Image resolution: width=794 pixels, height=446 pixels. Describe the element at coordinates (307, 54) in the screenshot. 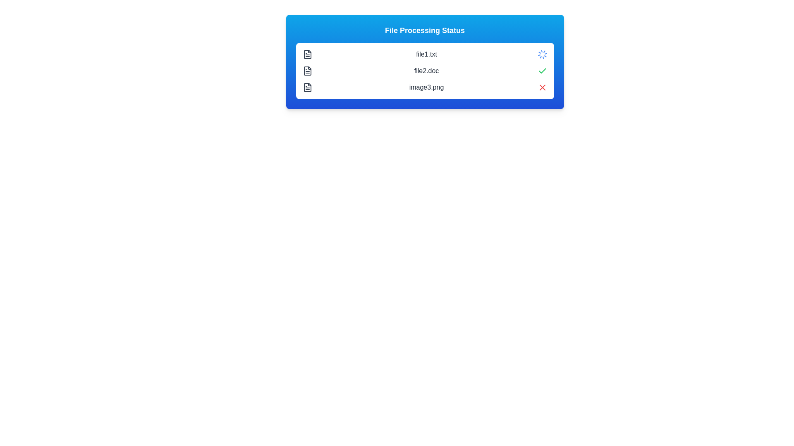

I see `the document icon located near the top-left corner of the file list section, immediately to the left of 'file1.txt'` at that location.